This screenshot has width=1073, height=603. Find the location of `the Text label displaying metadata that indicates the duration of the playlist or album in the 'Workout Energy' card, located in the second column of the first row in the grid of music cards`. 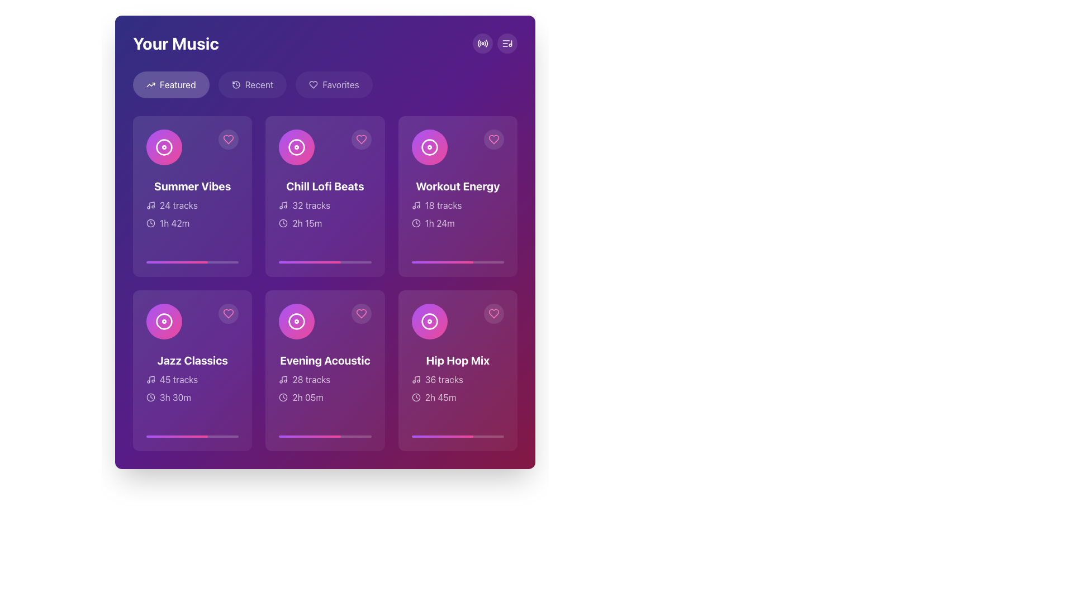

the Text label displaying metadata that indicates the duration of the playlist or album in the 'Workout Energy' card, located in the second column of the first row in the grid of music cards is located at coordinates (439, 223).